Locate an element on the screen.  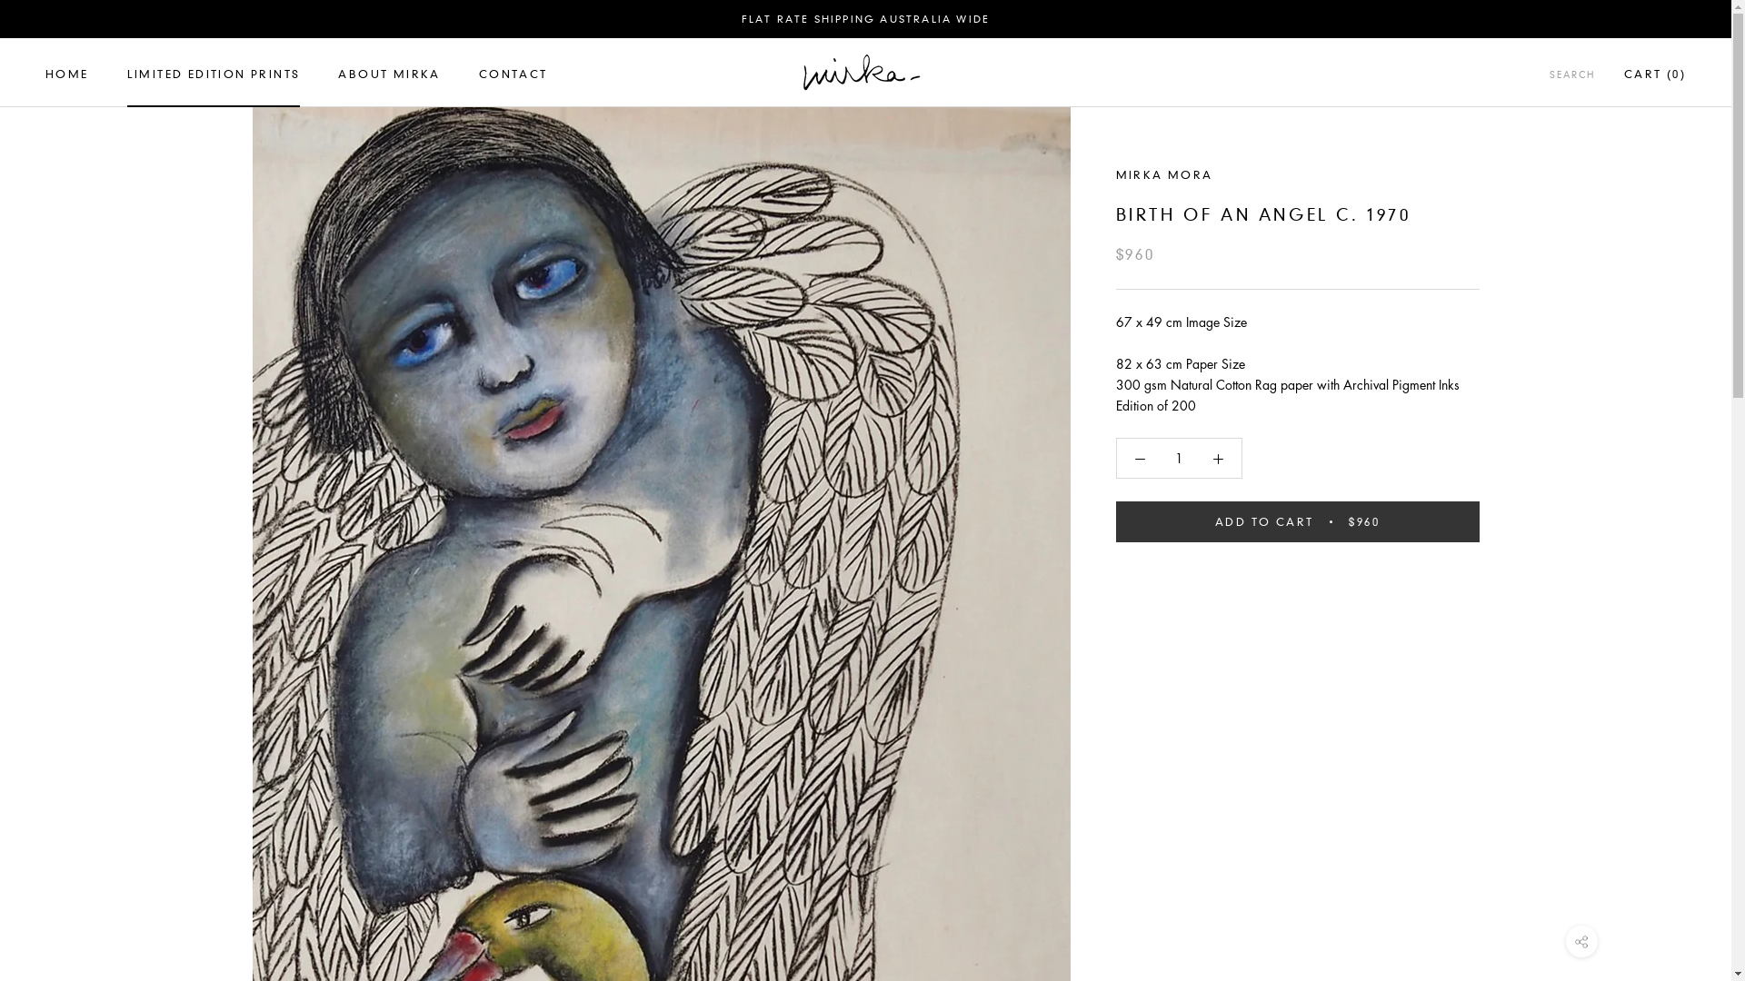
'ABOUT MIRKA is located at coordinates (387, 73).